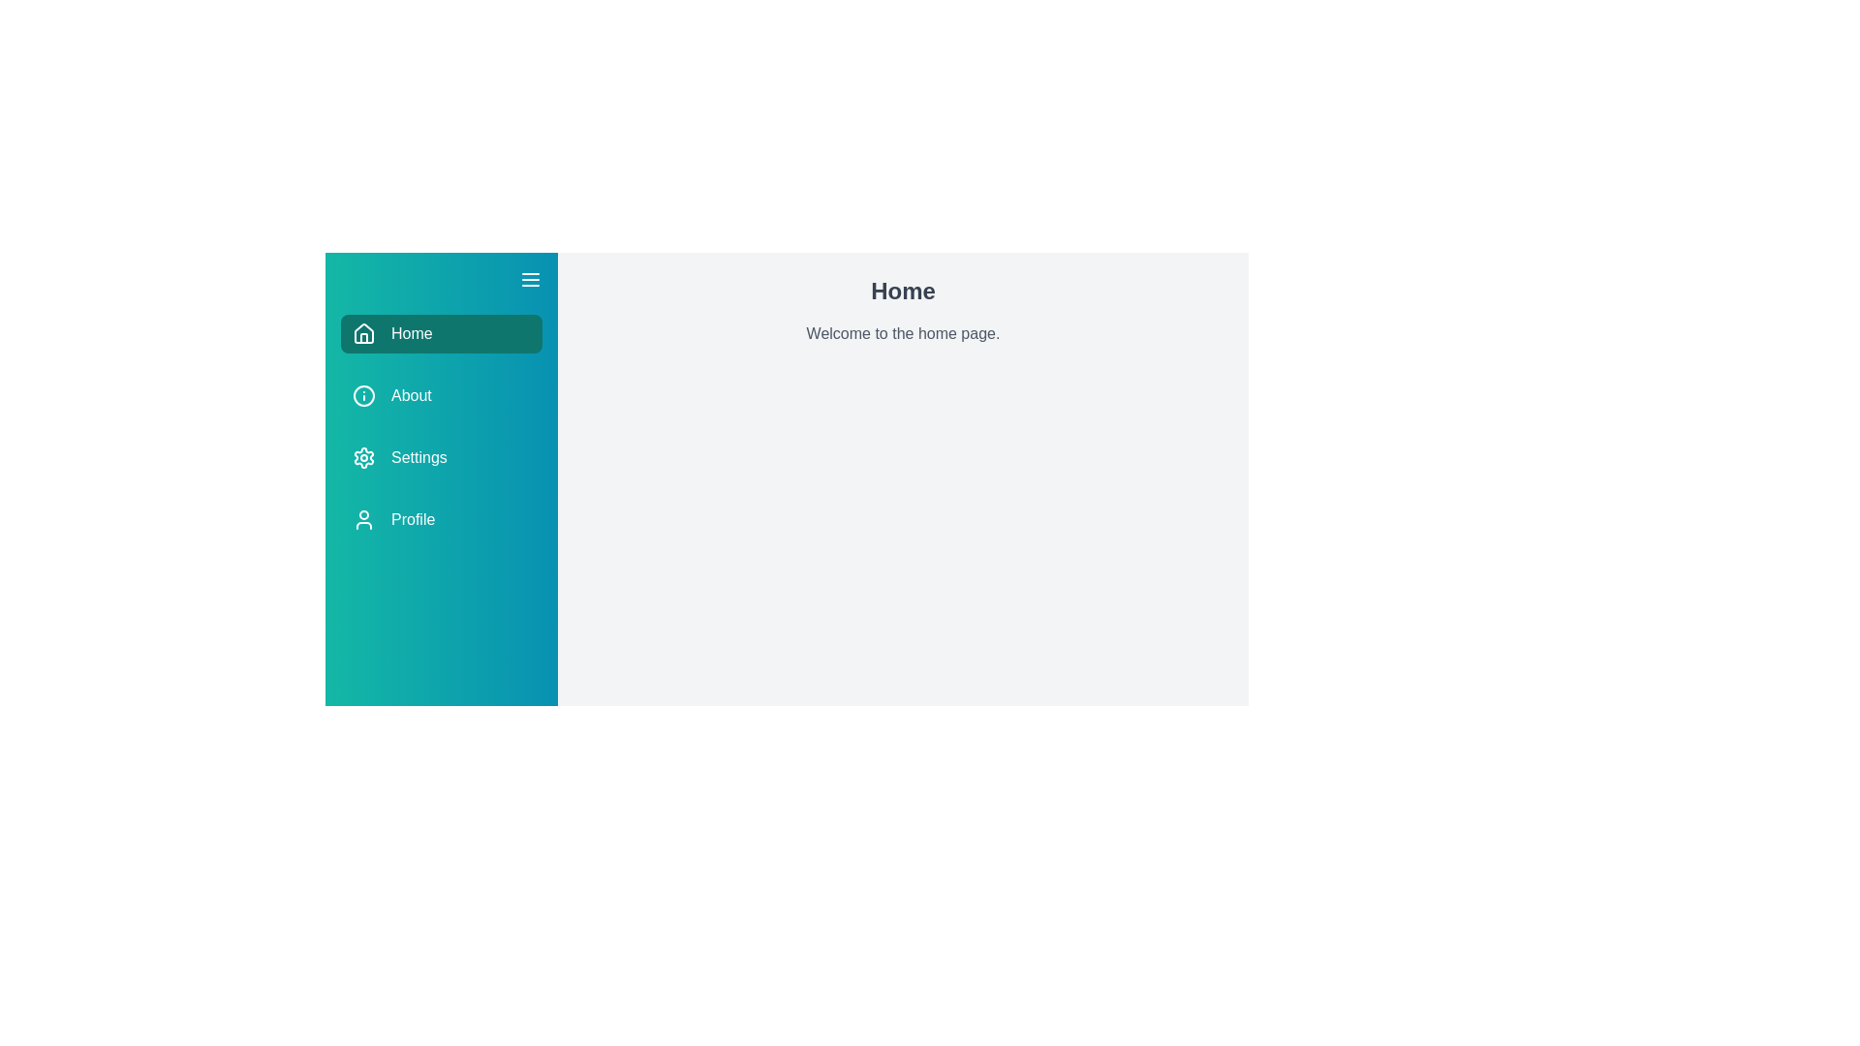 This screenshot has height=1046, width=1860. What do you see at coordinates (441, 518) in the screenshot?
I see `the Profile section from the drawer menu` at bounding box center [441, 518].